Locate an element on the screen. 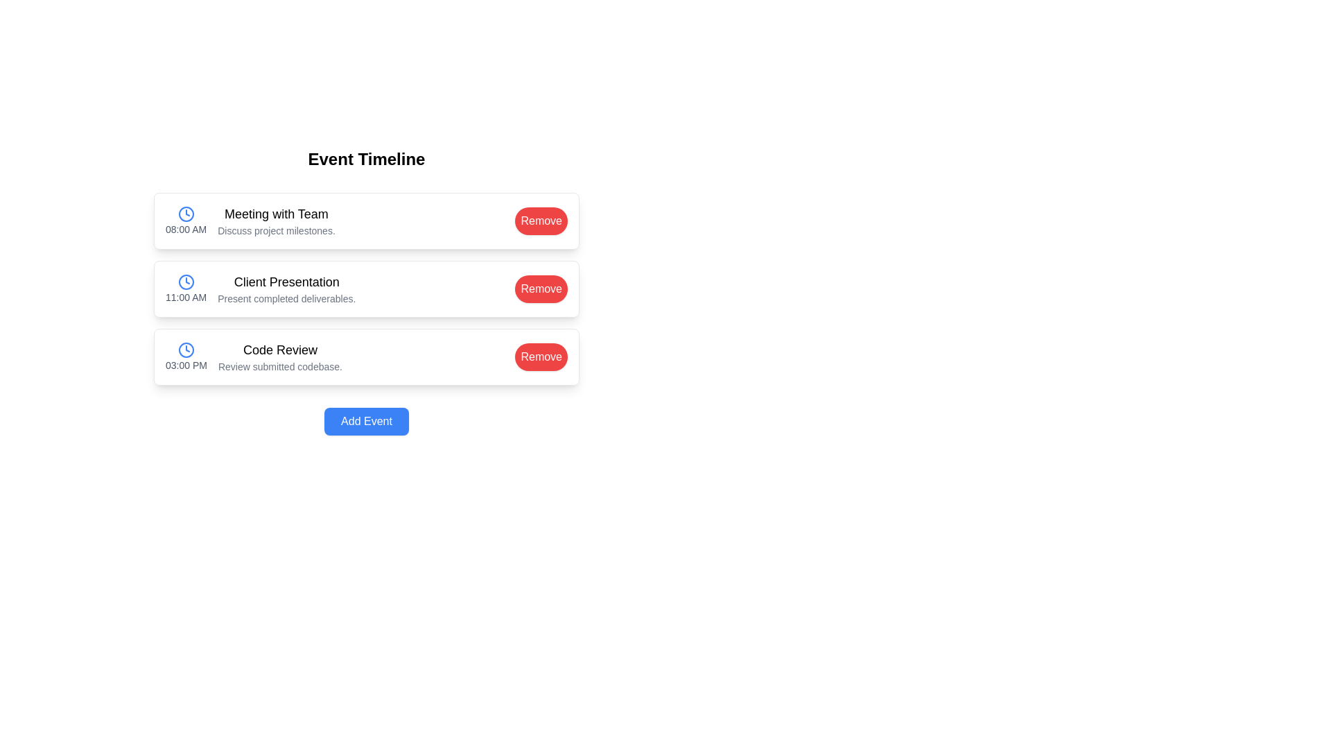 Image resolution: width=1331 pixels, height=749 pixels. the red 'Remove' button located at the bottom right of the 'Code Review' event card is located at coordinates (541, 356).